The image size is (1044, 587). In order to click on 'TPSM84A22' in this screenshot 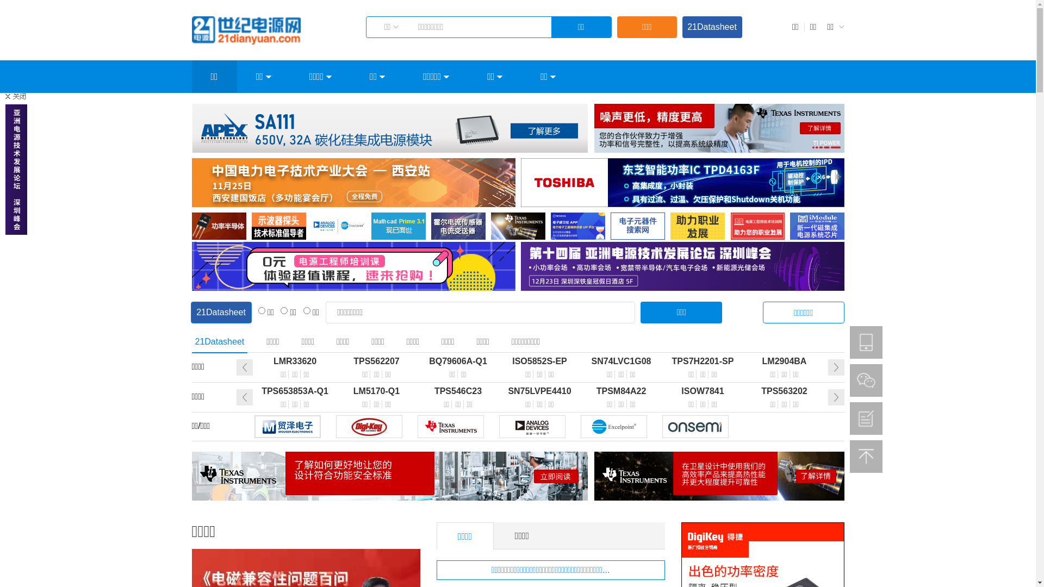, I will do `click(621, 391)`.